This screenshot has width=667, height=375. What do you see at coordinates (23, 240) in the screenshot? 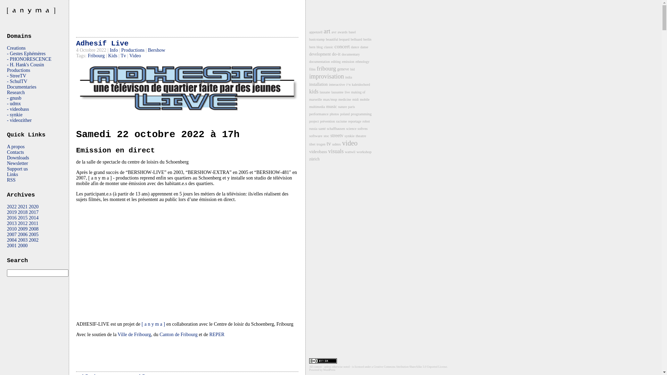
I see `'2003'` at bounding box center [23, 240].